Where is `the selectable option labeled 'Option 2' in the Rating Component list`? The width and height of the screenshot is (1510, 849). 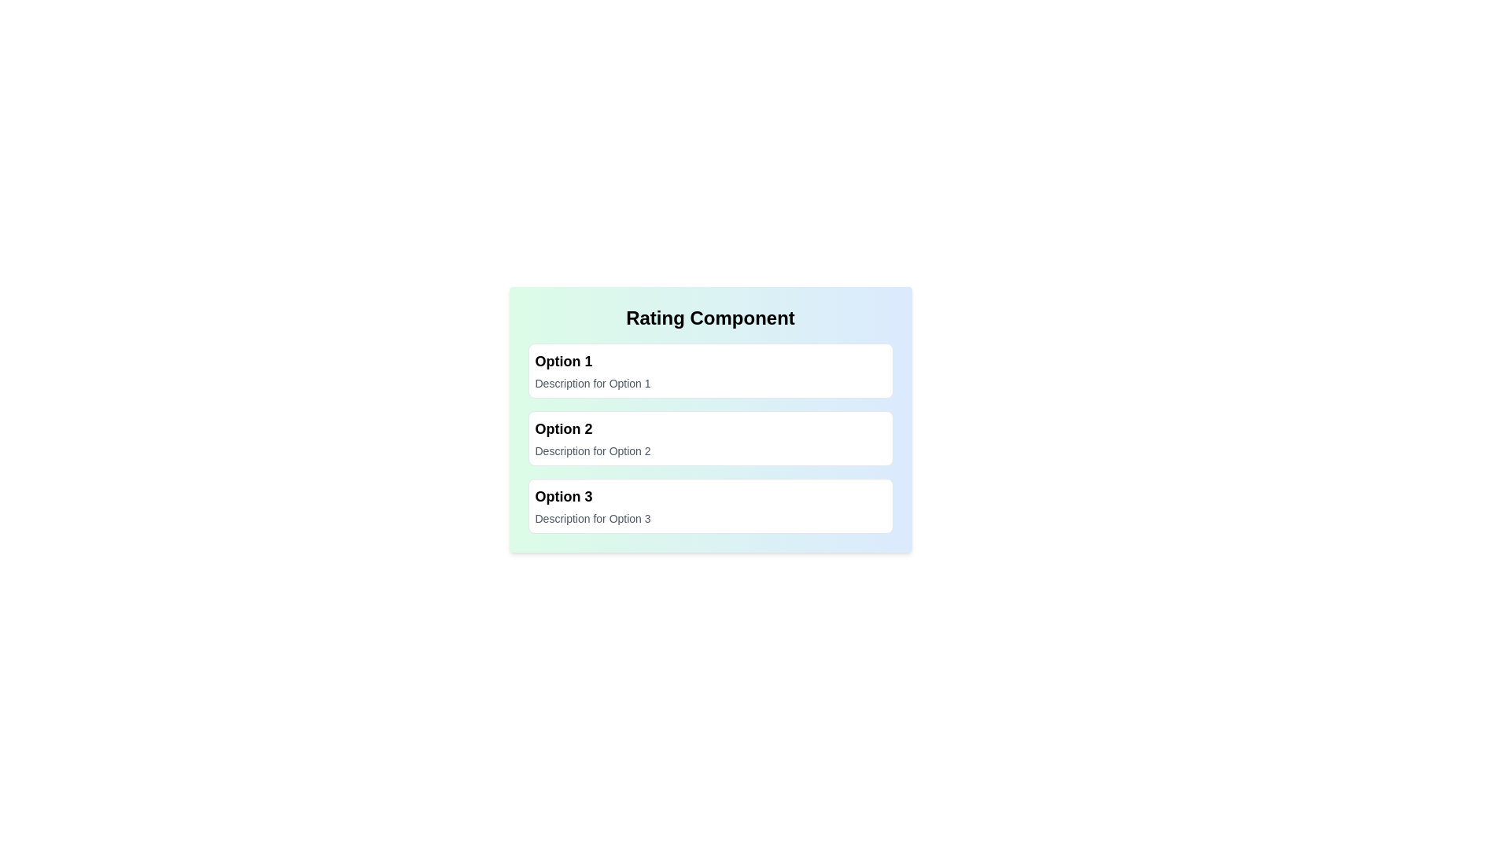
the selectable option labeled 'Option 2' in the Rating Component list is located at coordinates (709, 439).